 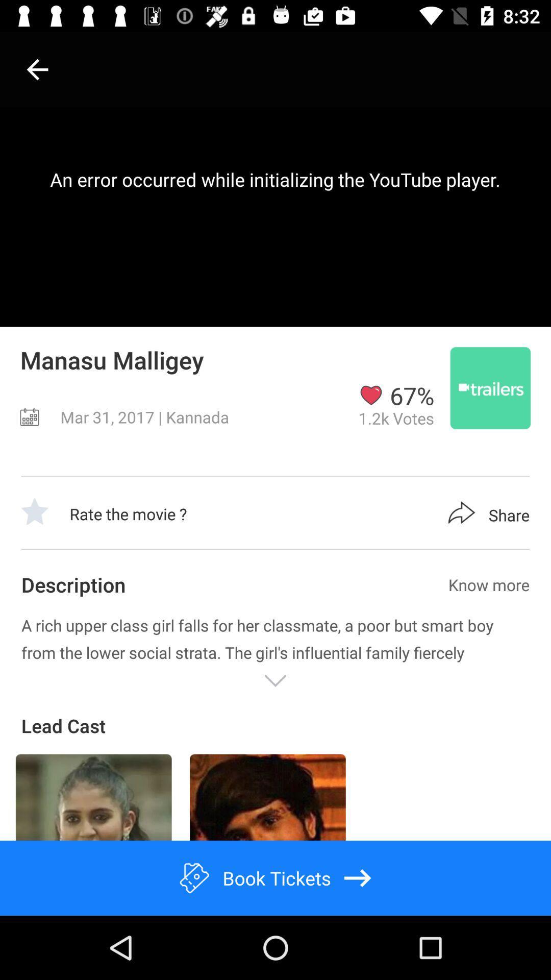 I want to click on watch trailers, so click(x=490, y=387).